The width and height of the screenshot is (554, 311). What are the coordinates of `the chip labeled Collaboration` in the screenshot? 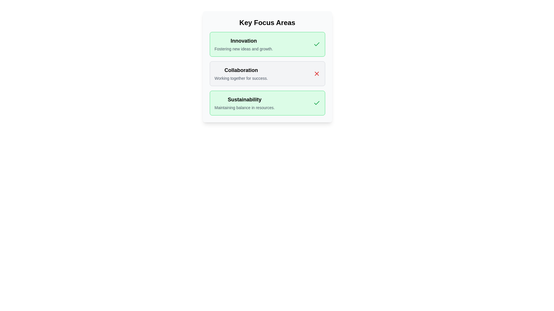 It's located at (267, 73).